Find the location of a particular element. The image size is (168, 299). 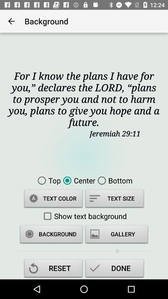

the reset item is located at coordinates (53, 269).